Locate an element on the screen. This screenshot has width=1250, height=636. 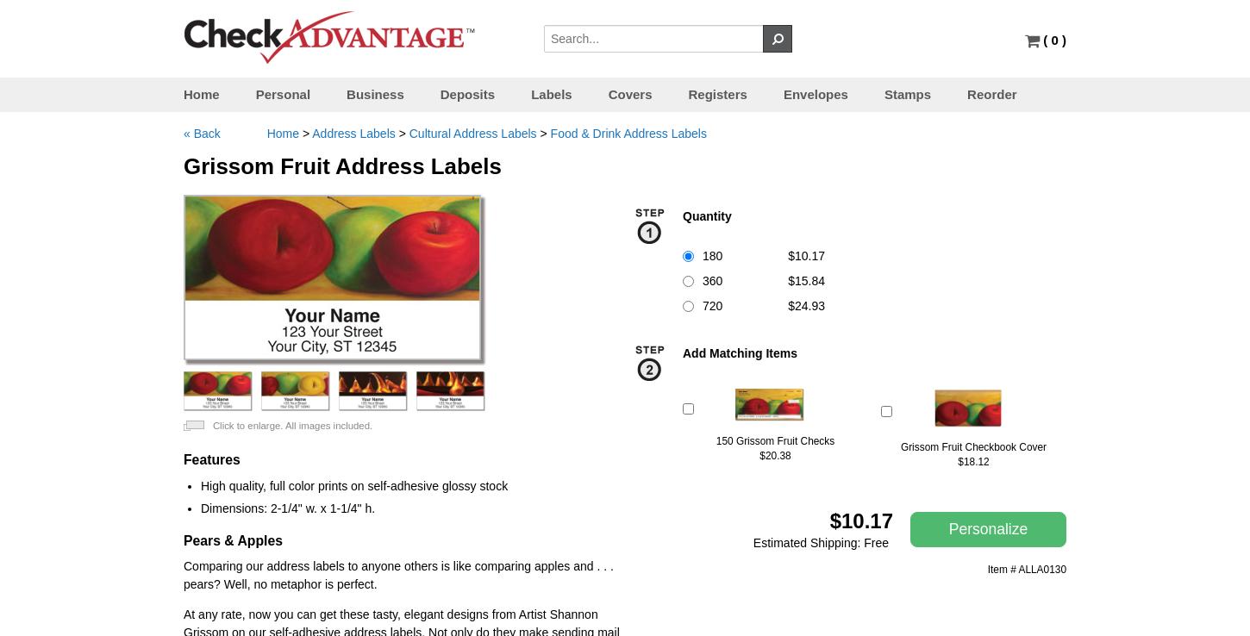
'( 0 )' is located at coordinates (1054, 40).